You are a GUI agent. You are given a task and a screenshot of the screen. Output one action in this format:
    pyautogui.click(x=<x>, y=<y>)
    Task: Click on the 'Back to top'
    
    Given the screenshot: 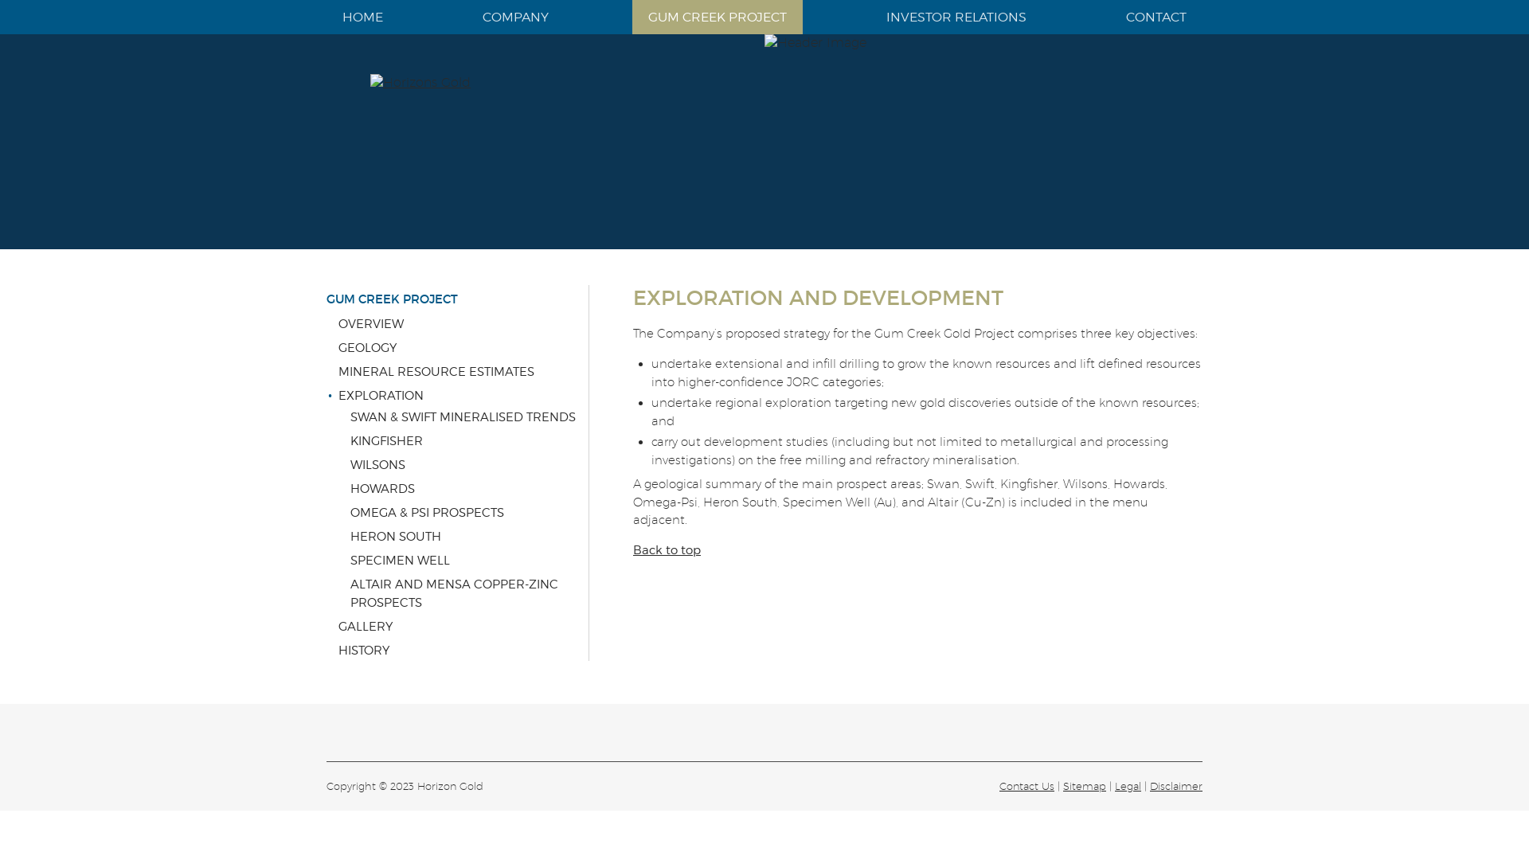 What is the action you would take?
    pyautogui.click(x=632, y=549)
    